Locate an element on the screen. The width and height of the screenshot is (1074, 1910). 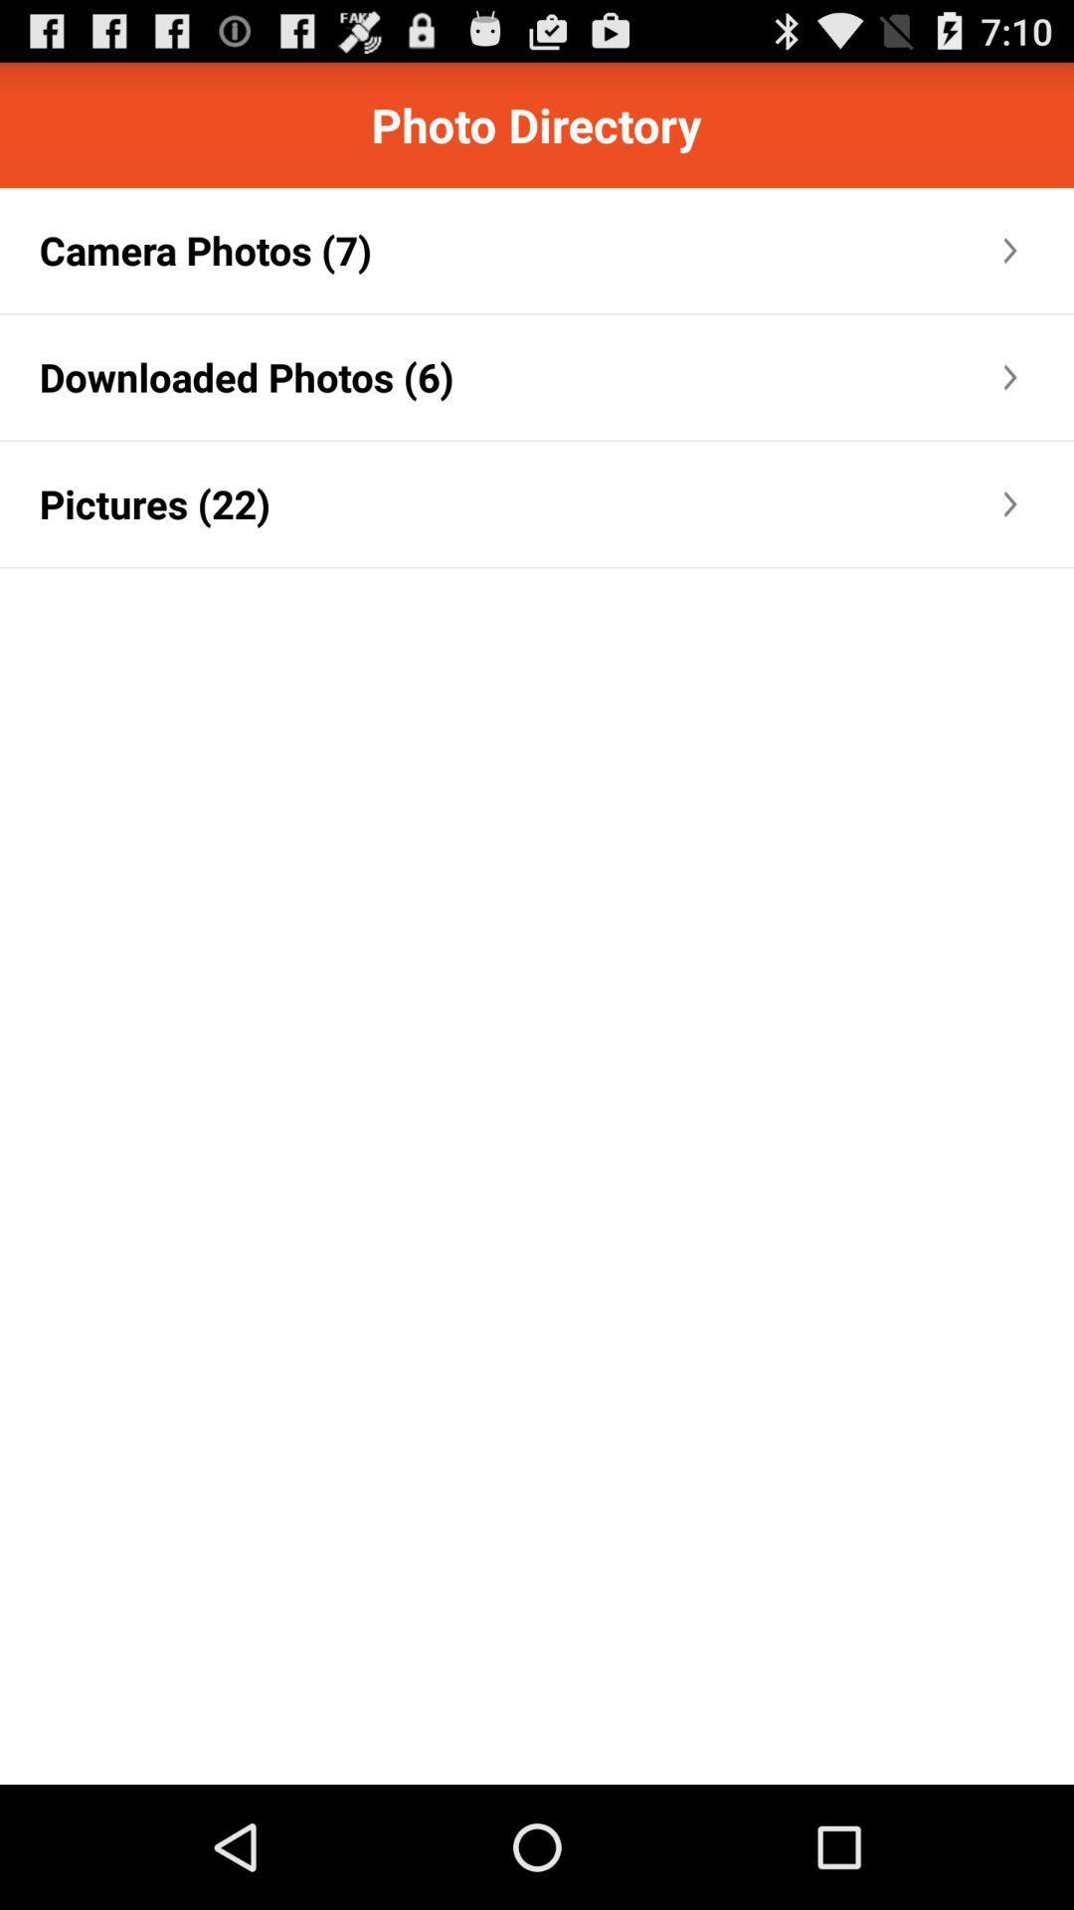
app to the right of pictures (22) item is located at coordinates (635, 504).